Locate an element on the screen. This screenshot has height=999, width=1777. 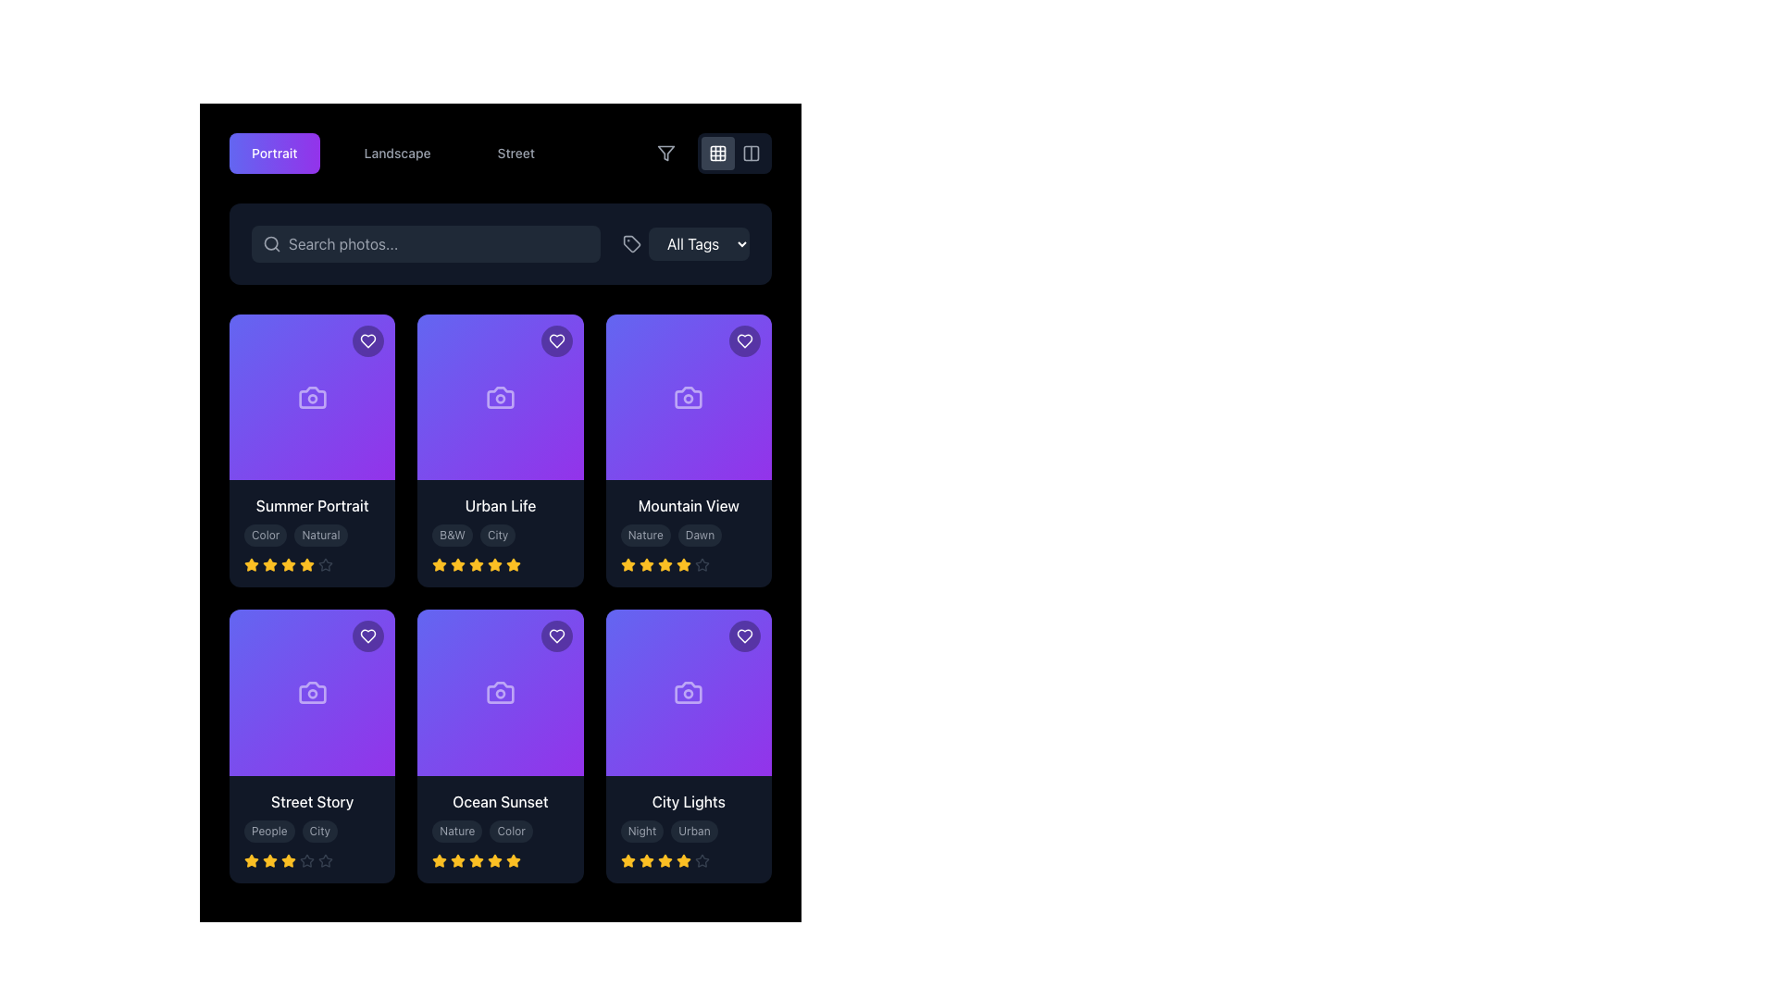
the photography icon located at the center of the 'Street Story' card, which is the first card in the second row of the grid layout is located at coordinates (312, 692).